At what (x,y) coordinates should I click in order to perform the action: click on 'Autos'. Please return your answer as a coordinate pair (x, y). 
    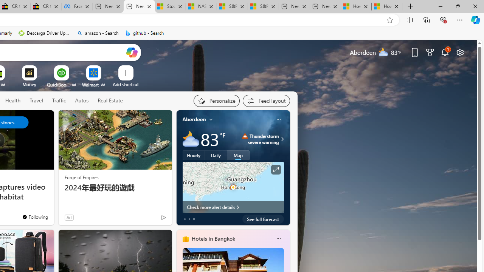
    Looking at the image, I should click on (82, 100).